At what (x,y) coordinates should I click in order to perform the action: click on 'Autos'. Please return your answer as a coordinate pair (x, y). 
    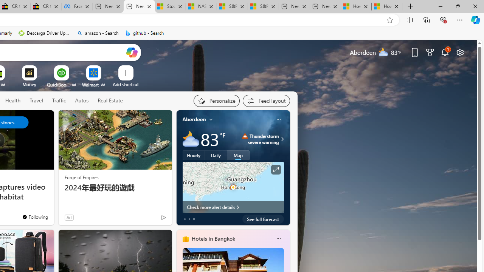
    Looking at the image, I should click on (82, 100).